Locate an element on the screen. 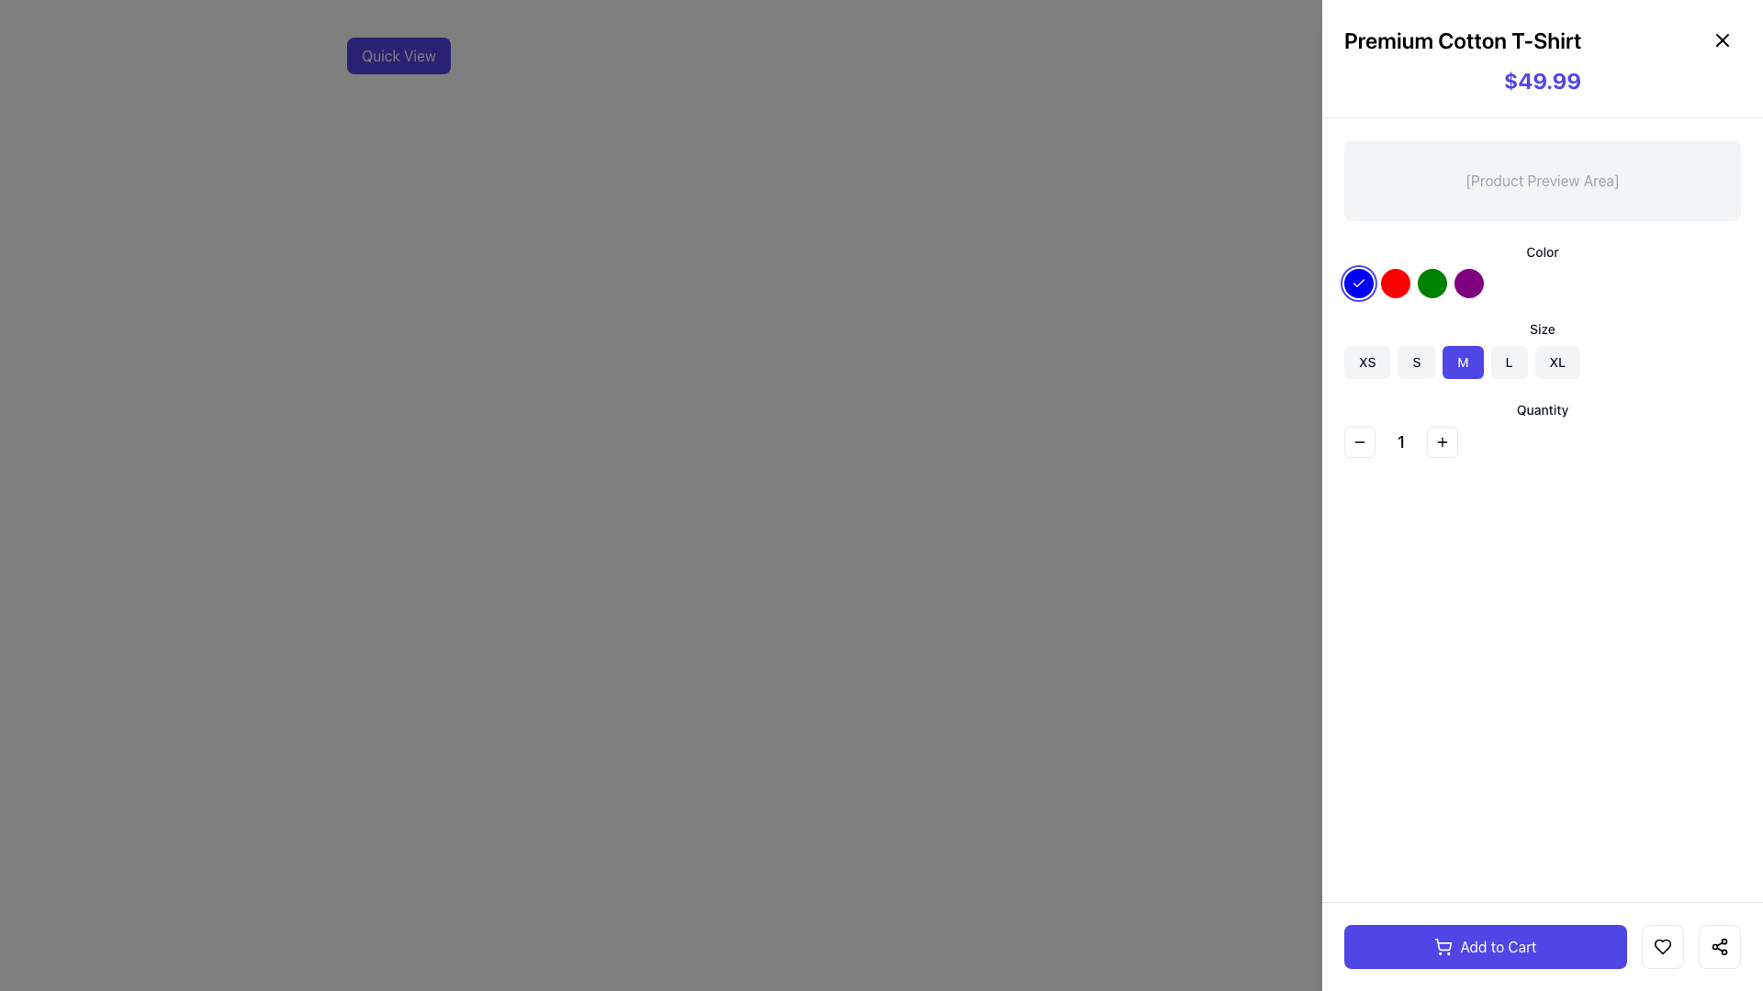 Image resolution: width=1763 pixels, height=991 pixels. the circular button with an 'X' icon at its center, located at the top-right corner of the panel next to 'Premium Cotton T-Shirt' is located at coordinates (1722, 39).